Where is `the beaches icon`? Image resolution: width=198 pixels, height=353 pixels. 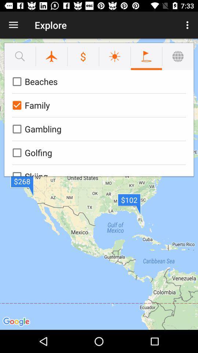 the beaches icon is located at coordinates (98, 81).